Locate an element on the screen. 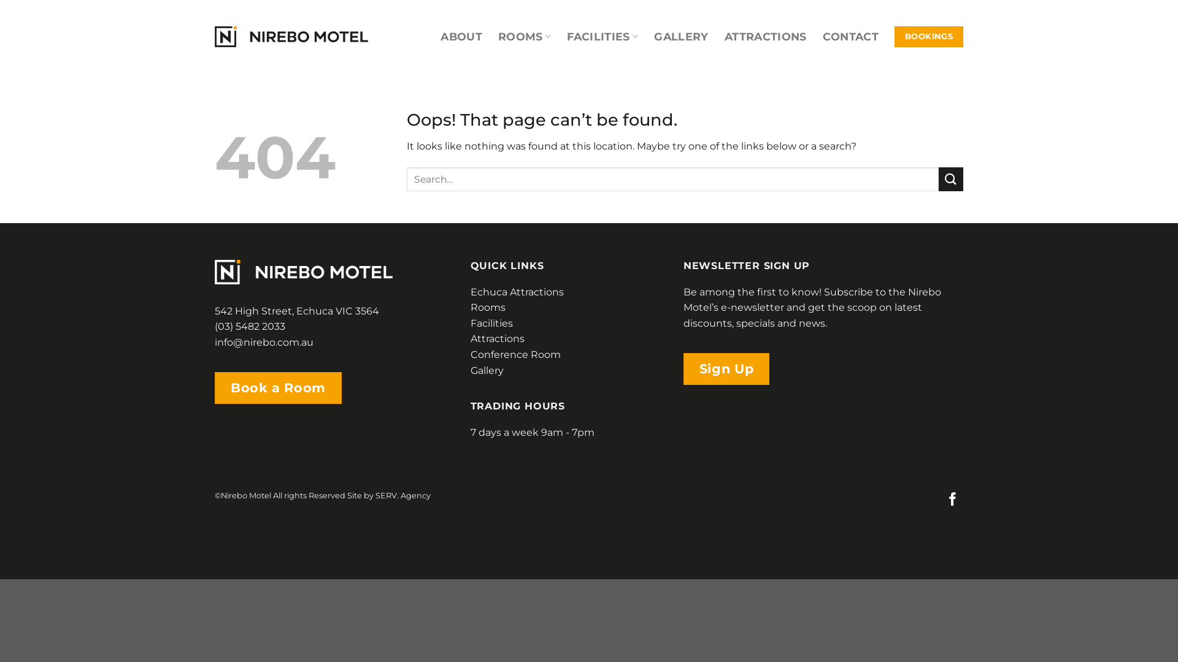  'ROOMS' is located at coordinates (524, 36).